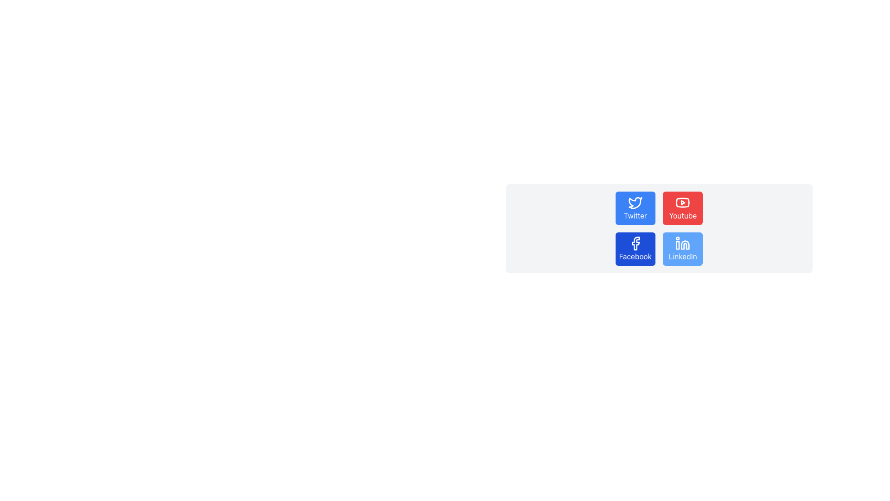  Describe the element at coordinates (635, 248) in the screenshot. I see `the square button with a blue background and white text labeled 'Facebook' located in the bottom-left corner of the grid` at that location.